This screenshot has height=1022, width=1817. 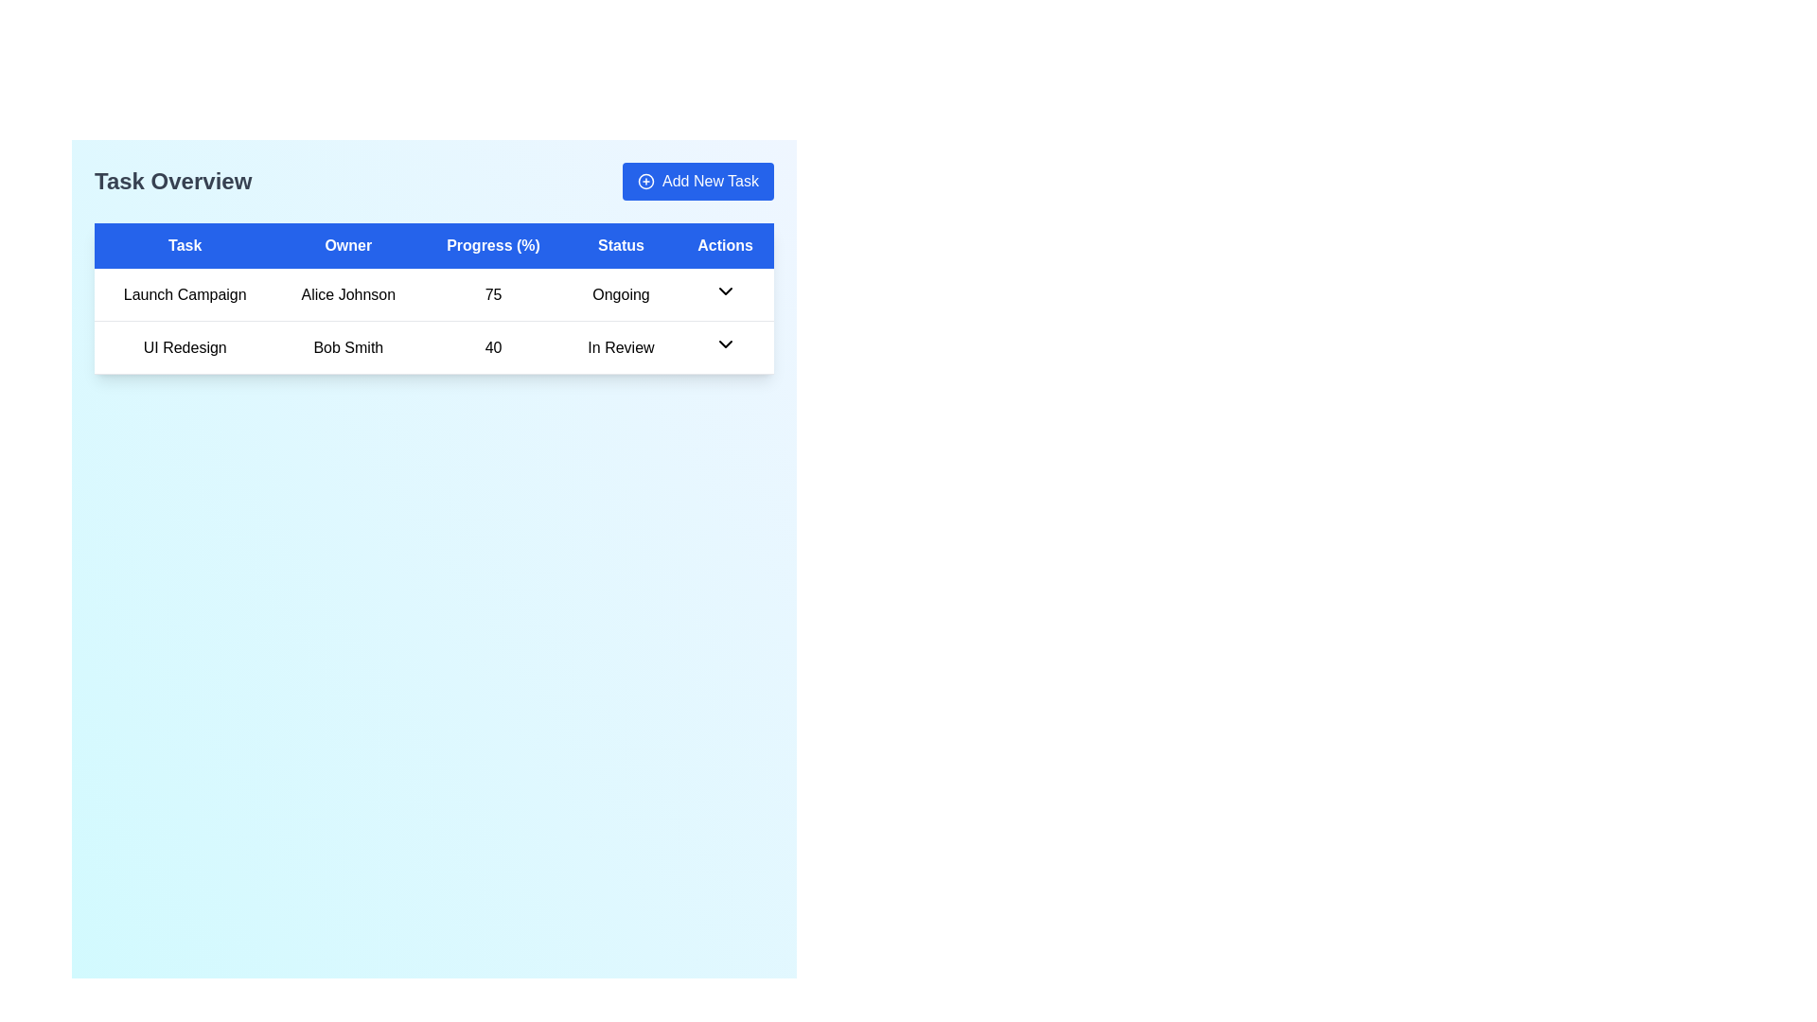 What do you see at coordinates (433, 298) in the screenshot?
I see `the rows of the Task Overview table` at bounding box center [433, 298].